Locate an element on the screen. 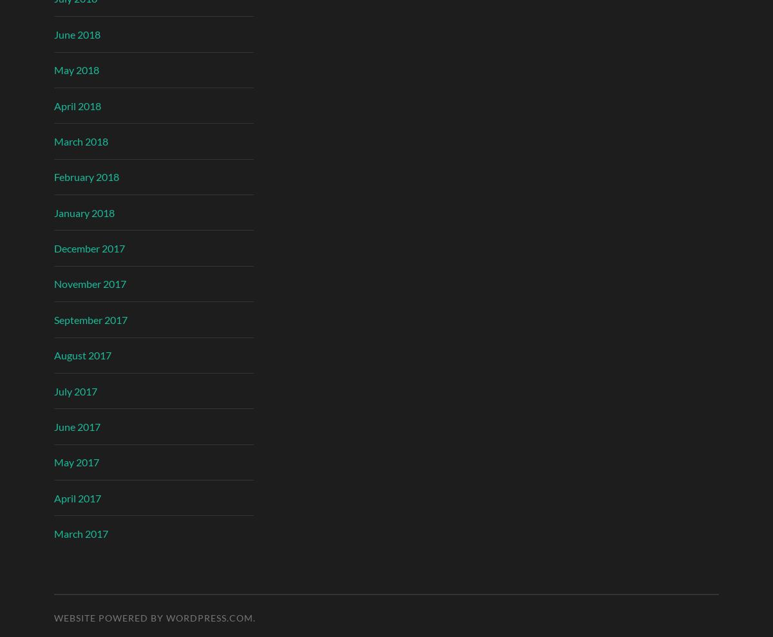 Image resolution: width=773 pixels, height=637 pixels. 'May 2018' is located at coordinates (77, 70).